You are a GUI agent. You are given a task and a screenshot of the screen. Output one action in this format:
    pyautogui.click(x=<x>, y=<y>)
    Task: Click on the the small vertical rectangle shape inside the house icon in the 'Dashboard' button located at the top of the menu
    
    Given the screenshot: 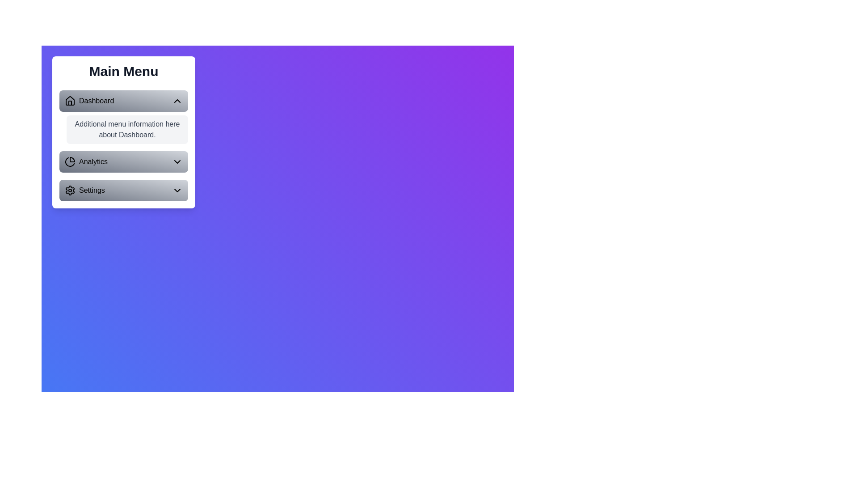 What is the action you would take?
    pyautogui.click(x=70, y=102)
    